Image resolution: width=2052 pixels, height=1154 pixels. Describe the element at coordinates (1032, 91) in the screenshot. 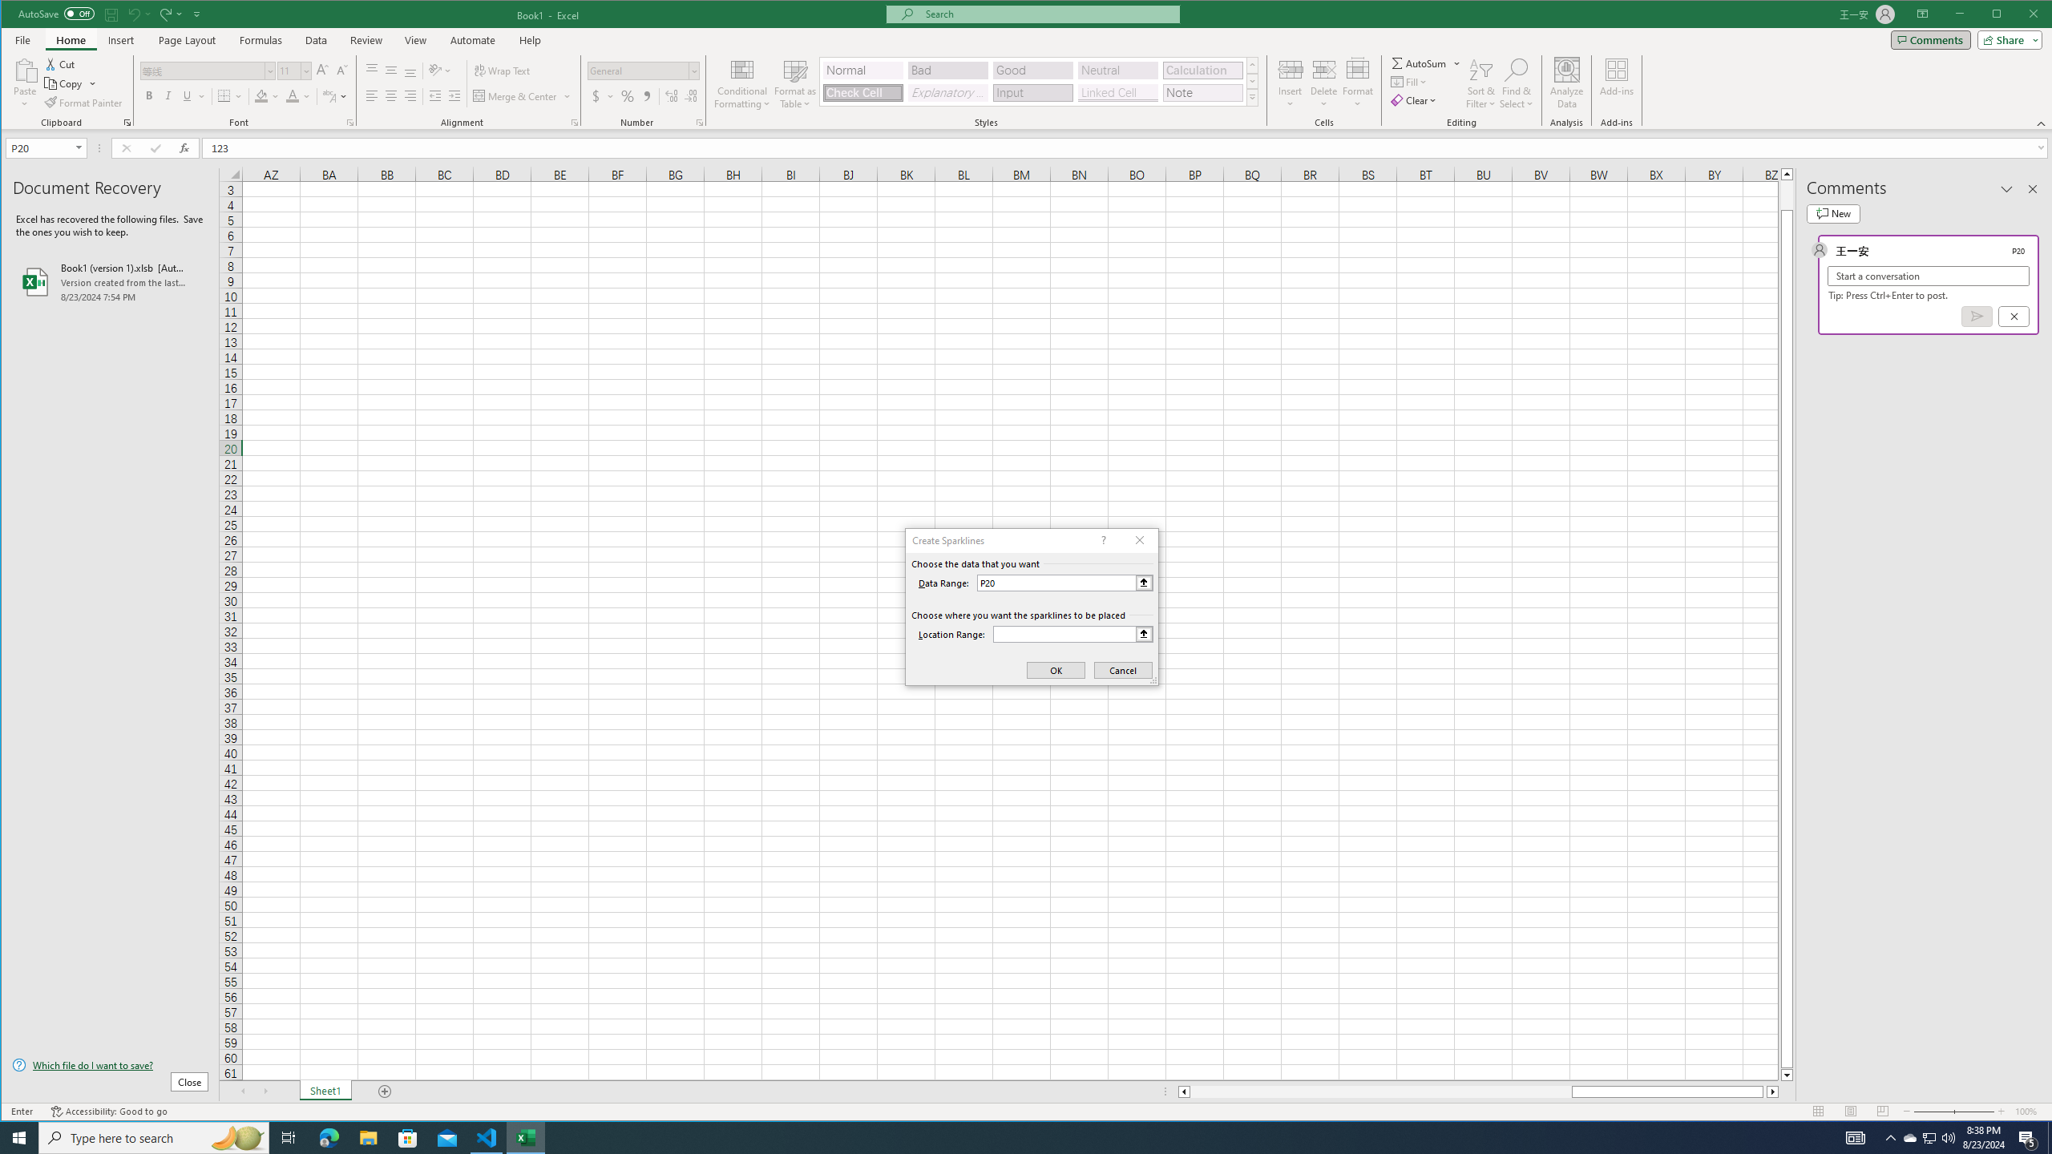

I see `'Input'` at that location.